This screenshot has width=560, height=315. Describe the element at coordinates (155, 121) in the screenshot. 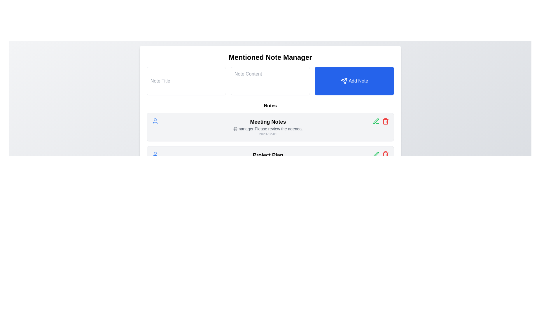

I see `the user icon in the 'Meeting Notes' section, which is the first icon positioned to the left of the text '@manager Please review the agenda. 2023-12-01'` at that location.